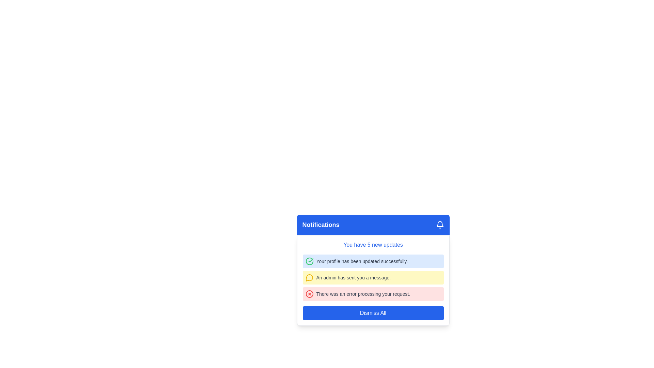  I want to click on the bell icon in the top-right corner of the blue header bar, so click(440, 225).